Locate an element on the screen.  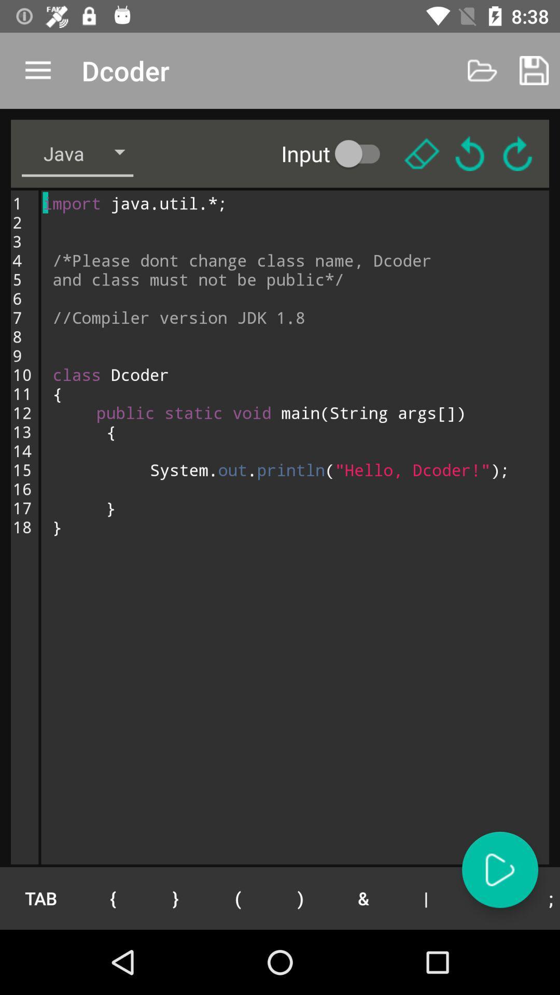
to compile the program is located at coordinates (499, 870).